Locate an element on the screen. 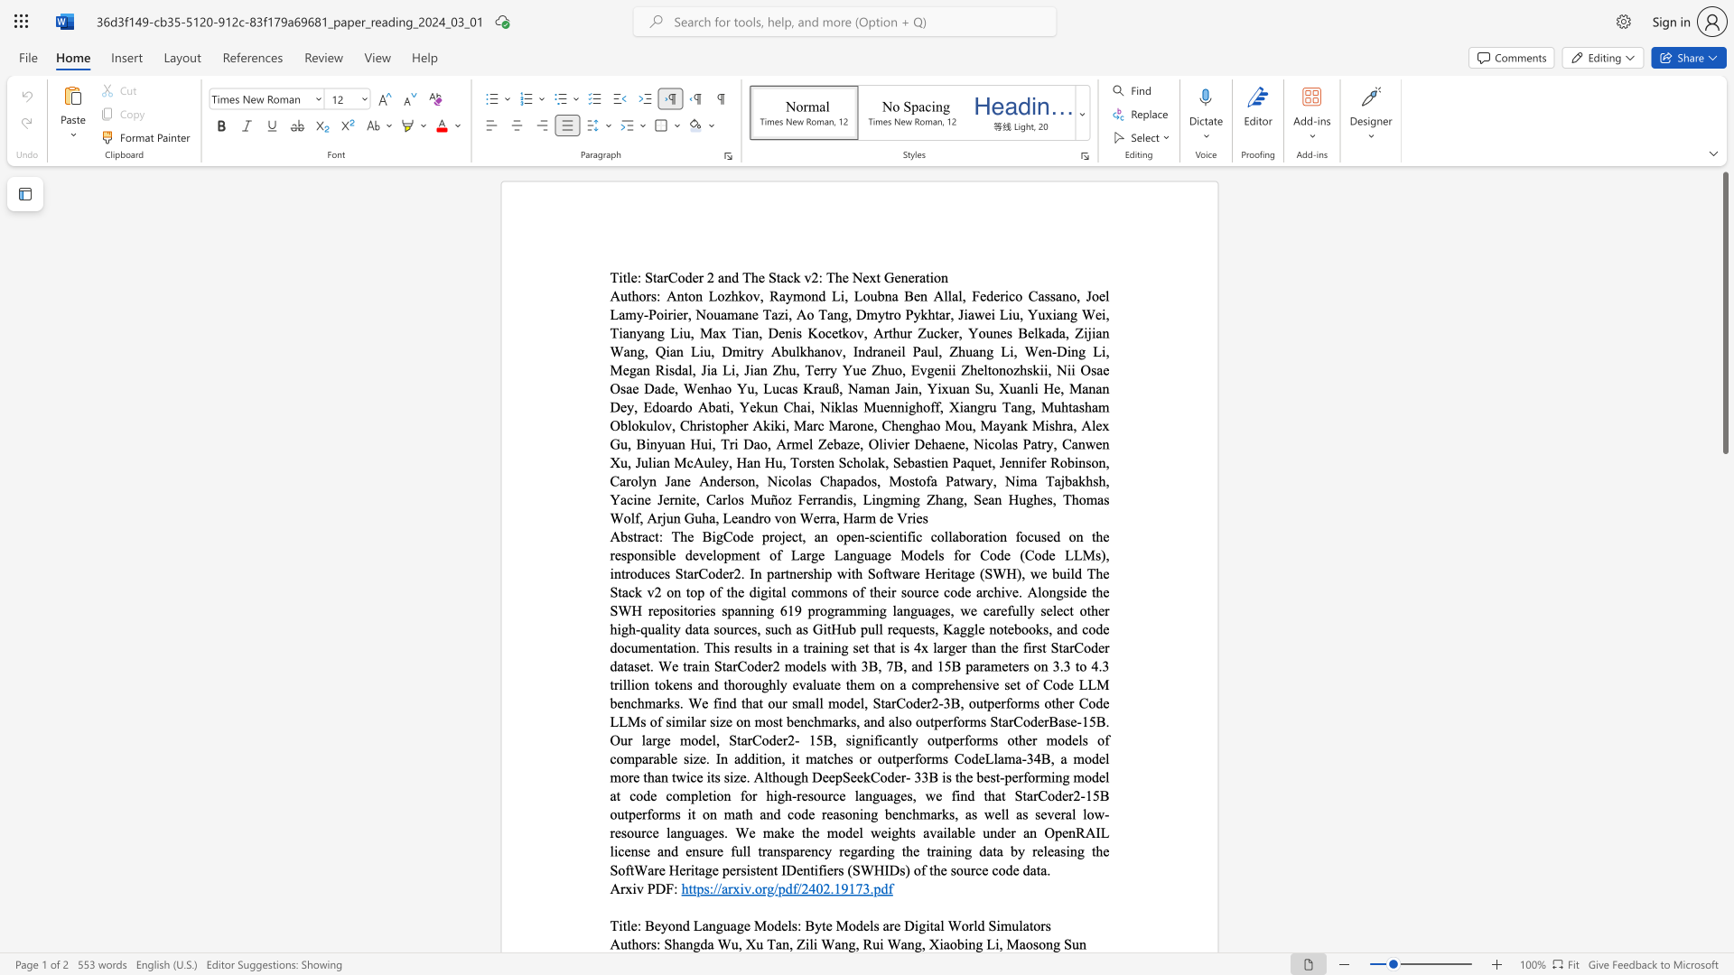 The image size is (1734, 975). the subset text "un" within the text "Maosong Sun" is located at coordinates (1071, 942).